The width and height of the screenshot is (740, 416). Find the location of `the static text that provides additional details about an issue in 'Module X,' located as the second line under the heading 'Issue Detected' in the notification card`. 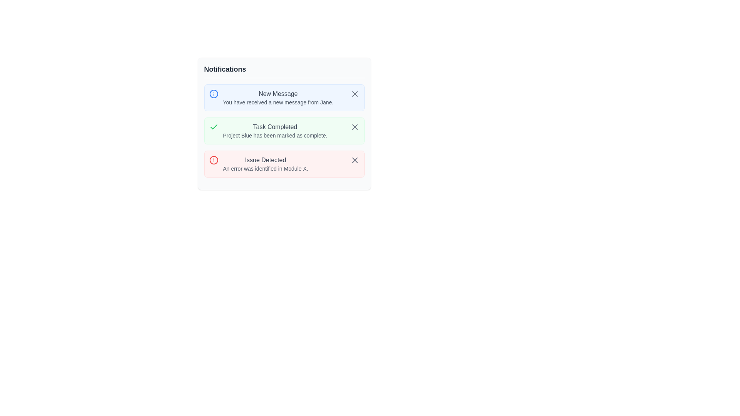

the static text that provides additional details about an issue in 'Module X,' located as the second line under the heading 'Issue Detected' in the notification card is located at coordinates (266, 168).